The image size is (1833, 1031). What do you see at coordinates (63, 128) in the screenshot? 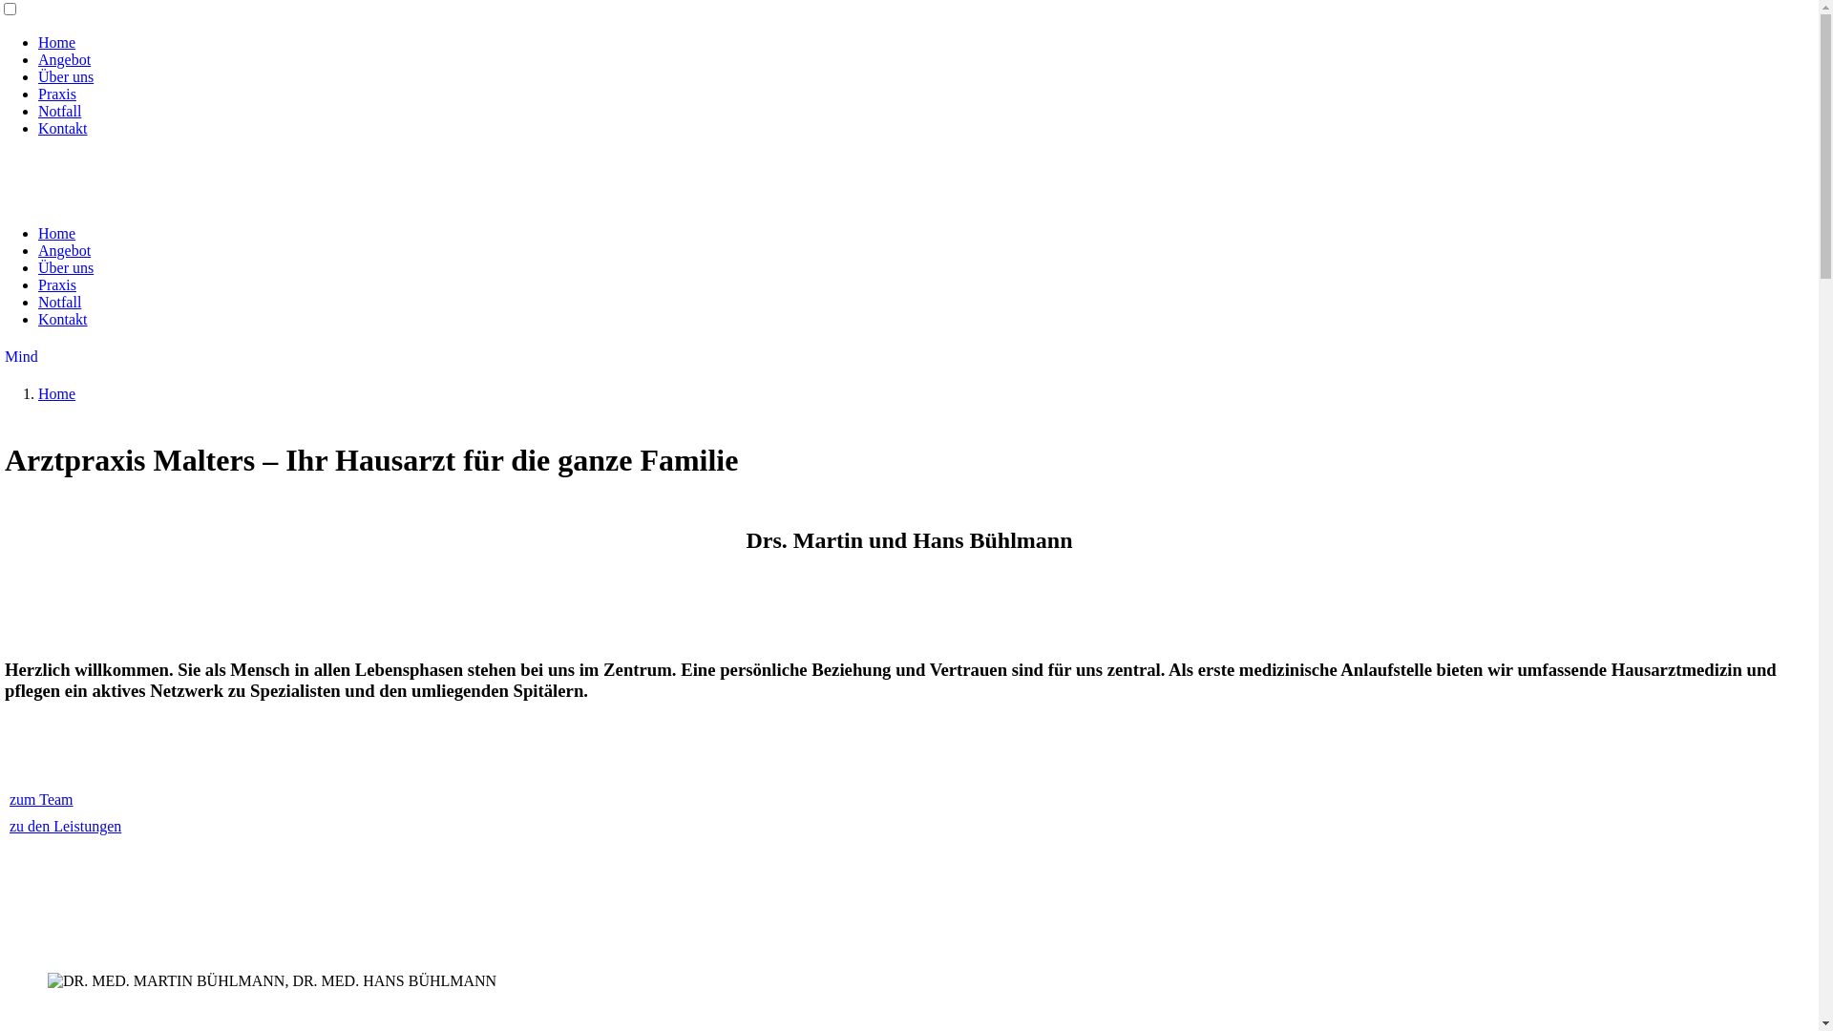
I see `'Kontakt'` at bounding box center [63, 128].